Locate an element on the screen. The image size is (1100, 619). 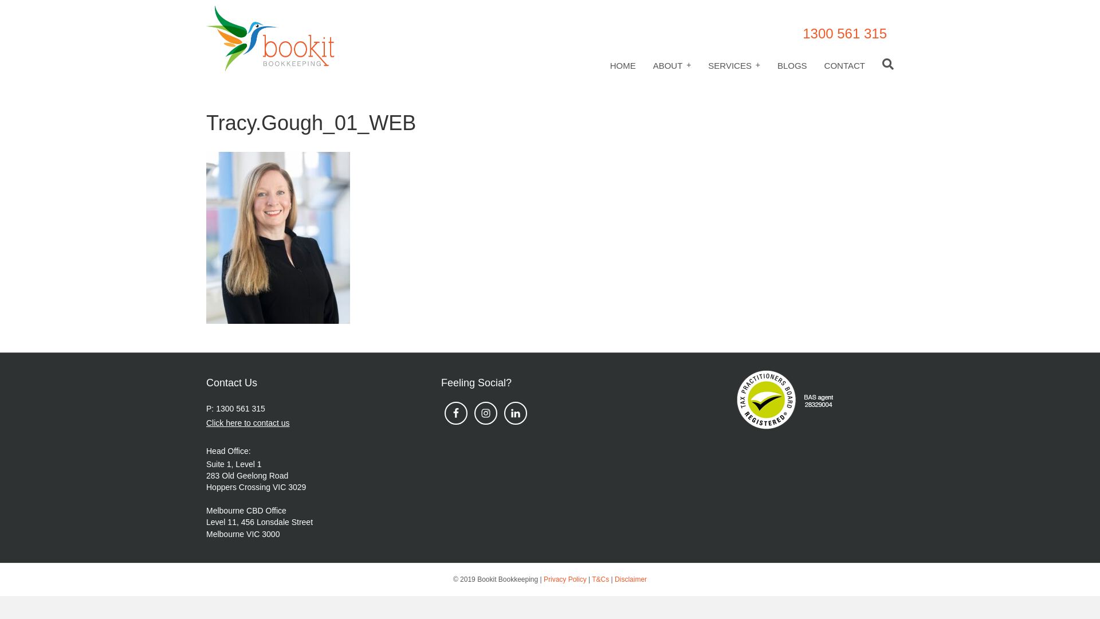
'Disclaimer' is located at coordinates (630, 579).